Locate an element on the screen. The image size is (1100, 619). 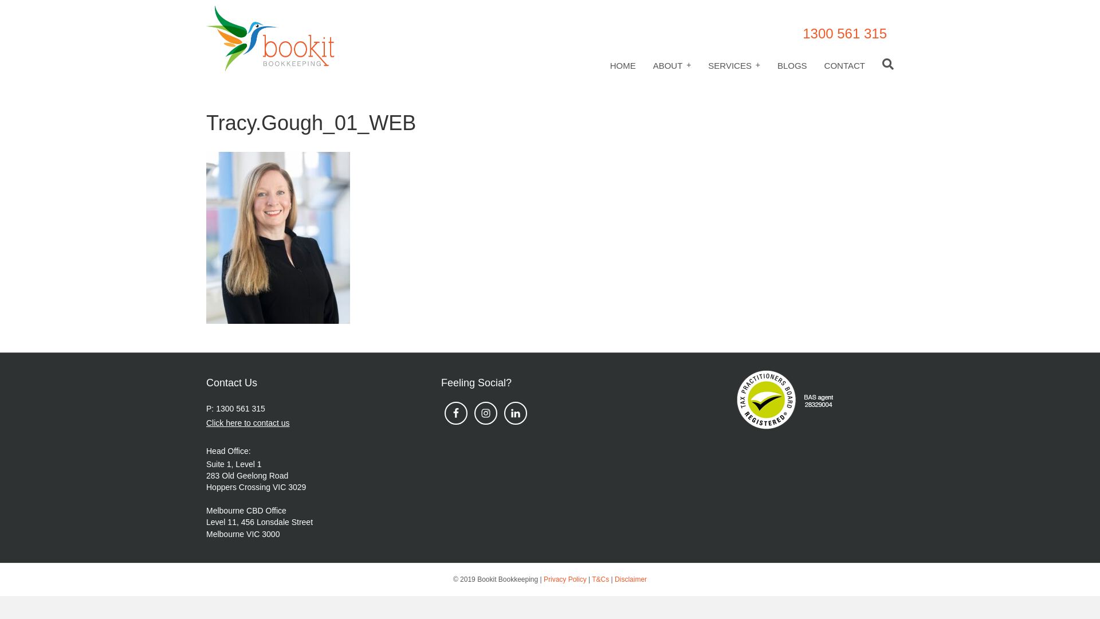
'Disclaimer' is located at coordinates (630, 579).